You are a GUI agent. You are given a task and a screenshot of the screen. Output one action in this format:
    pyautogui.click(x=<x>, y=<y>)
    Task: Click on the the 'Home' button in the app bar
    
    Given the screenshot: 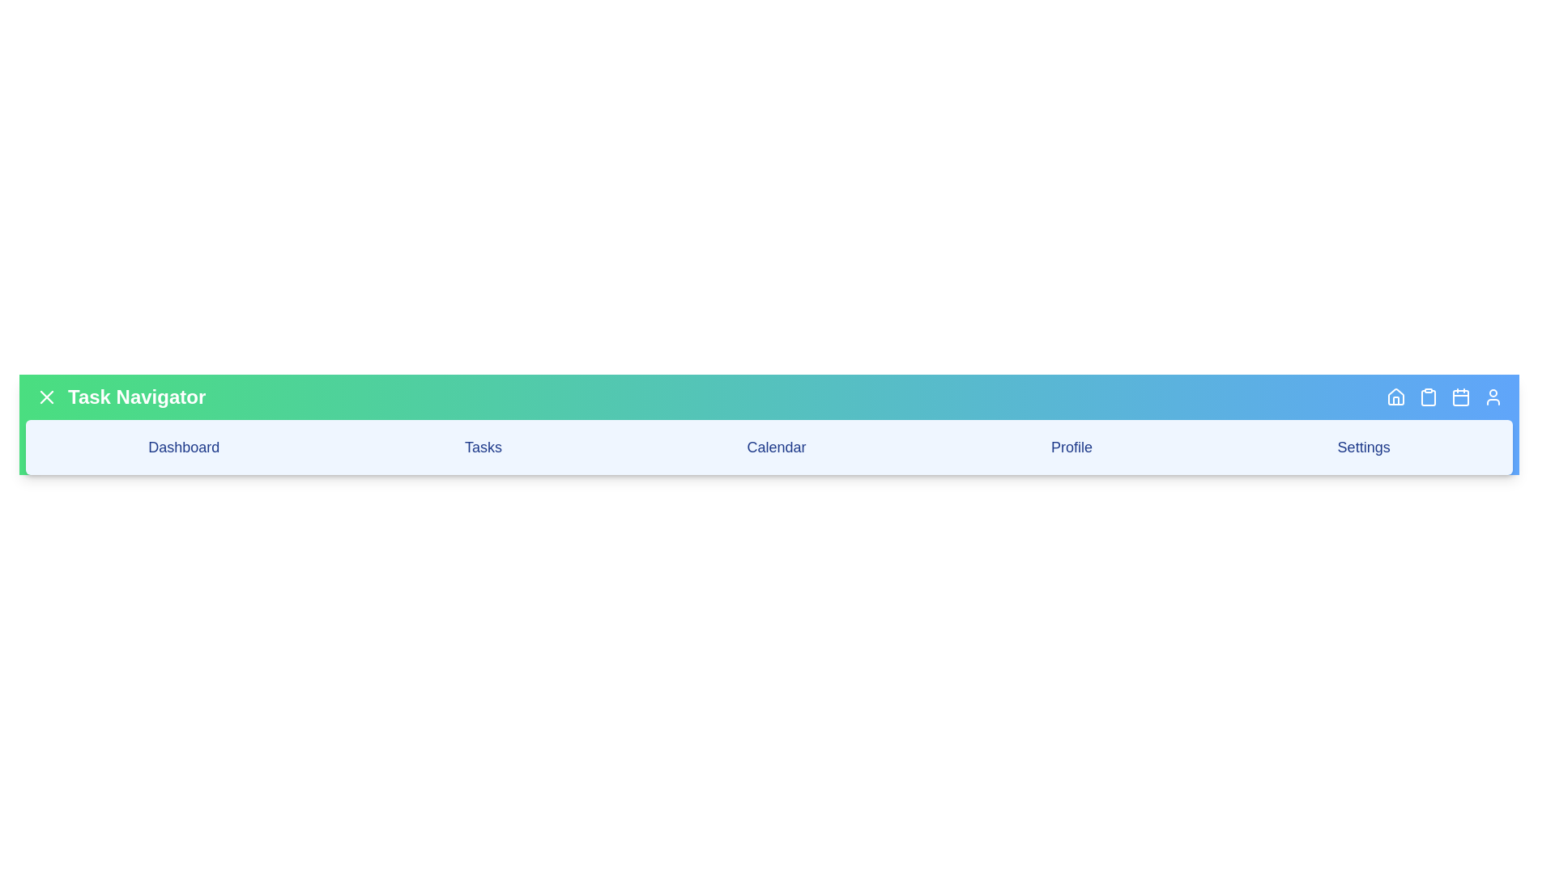 What is the action you would take?
    pyautogui.click(x=1395, y=397)
    